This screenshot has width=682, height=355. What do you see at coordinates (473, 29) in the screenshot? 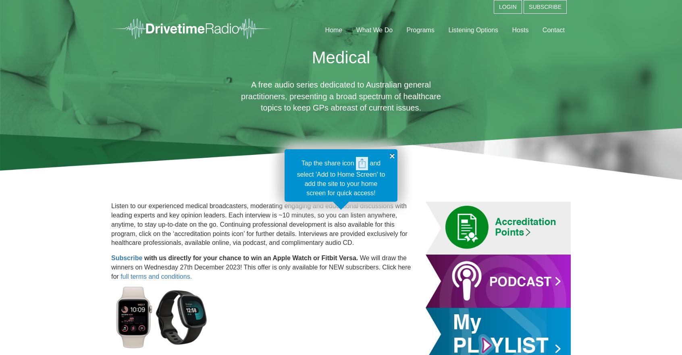
I see `'Listening Options'` at bounding box center [473, 29].